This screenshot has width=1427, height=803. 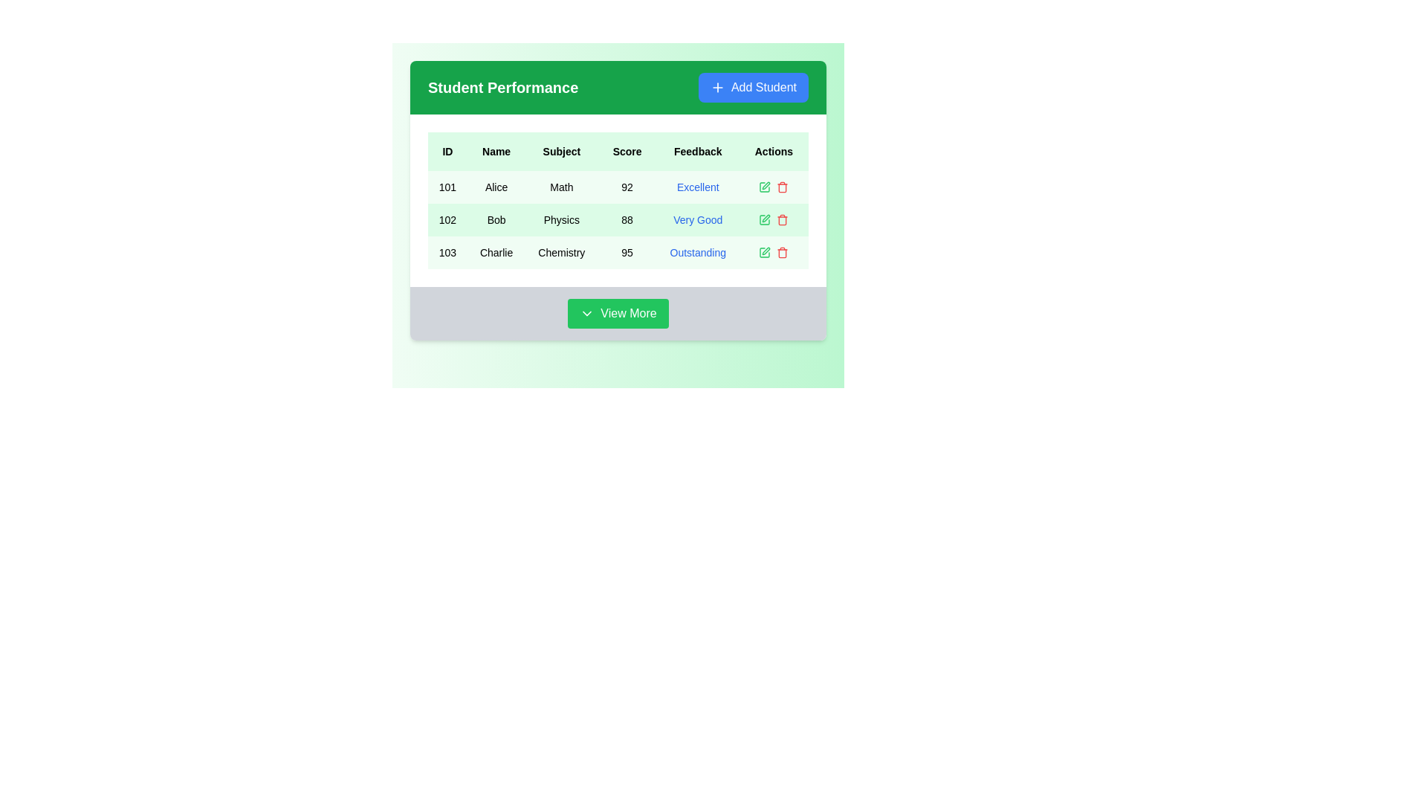 What do you see at coordinates (560, 186) in the screenshot?
I see `text displayed in the 'Math' label located in the 'Subject' column of the 'Student Performance' table, which is the third item in the first row` at bounding box center [560, 186].